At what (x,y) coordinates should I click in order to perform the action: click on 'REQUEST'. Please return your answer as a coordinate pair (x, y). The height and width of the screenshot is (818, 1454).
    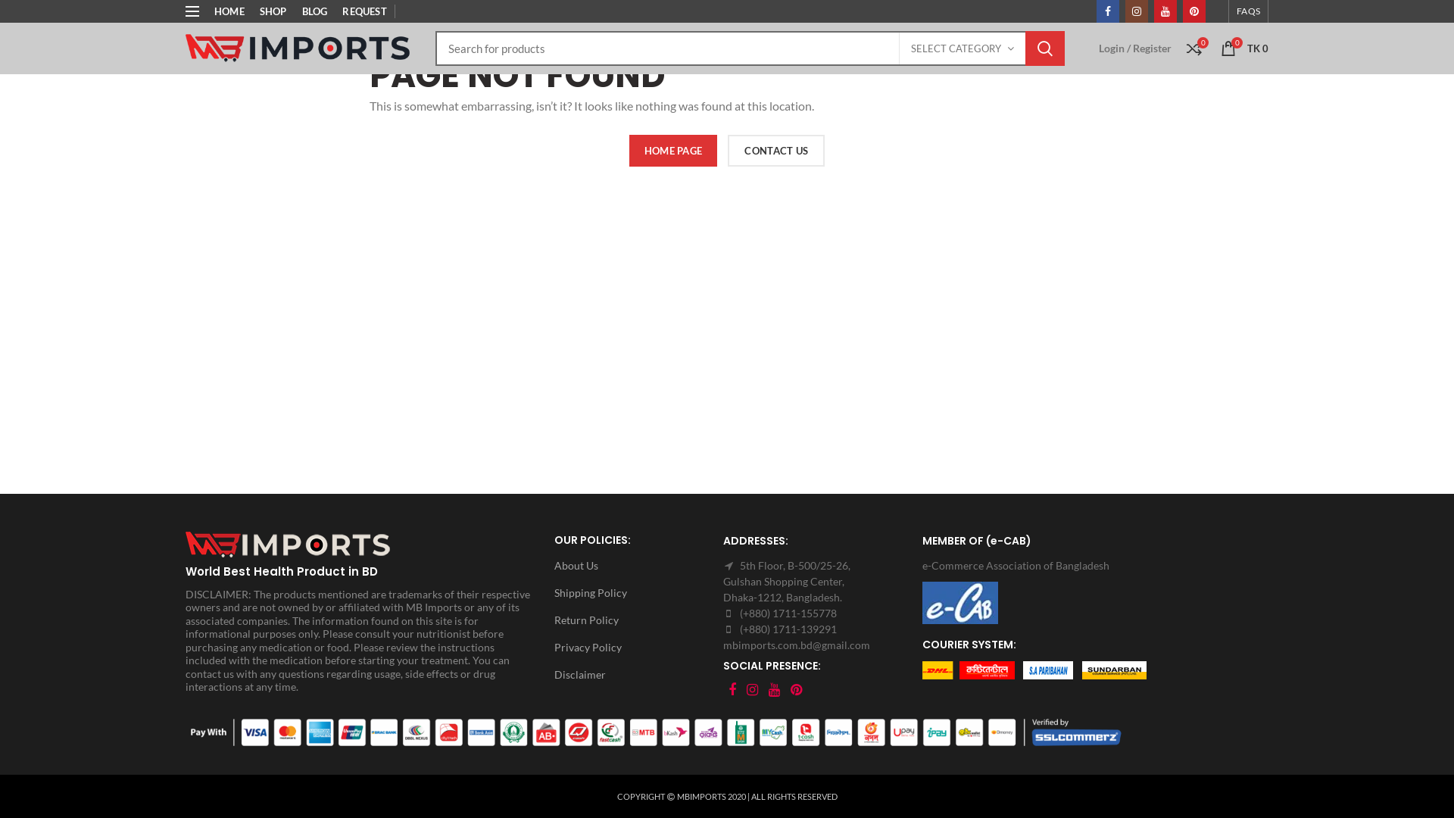
    Looking at the image, I should click on (363, 11).